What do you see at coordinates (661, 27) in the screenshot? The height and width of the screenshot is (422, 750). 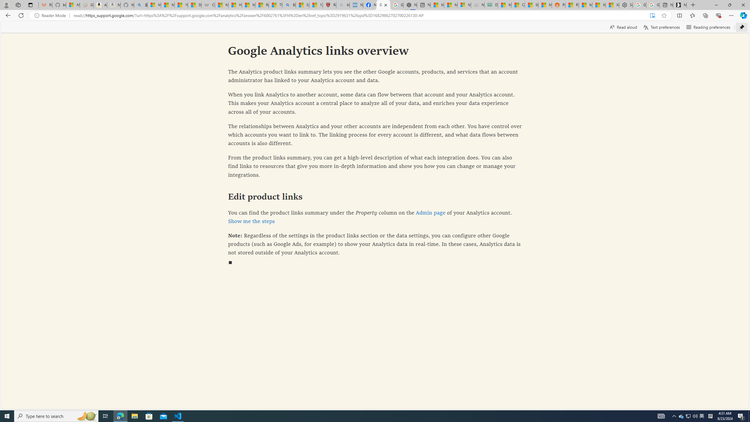 I see `'Text preferences'` at bounding box center [661, 27].